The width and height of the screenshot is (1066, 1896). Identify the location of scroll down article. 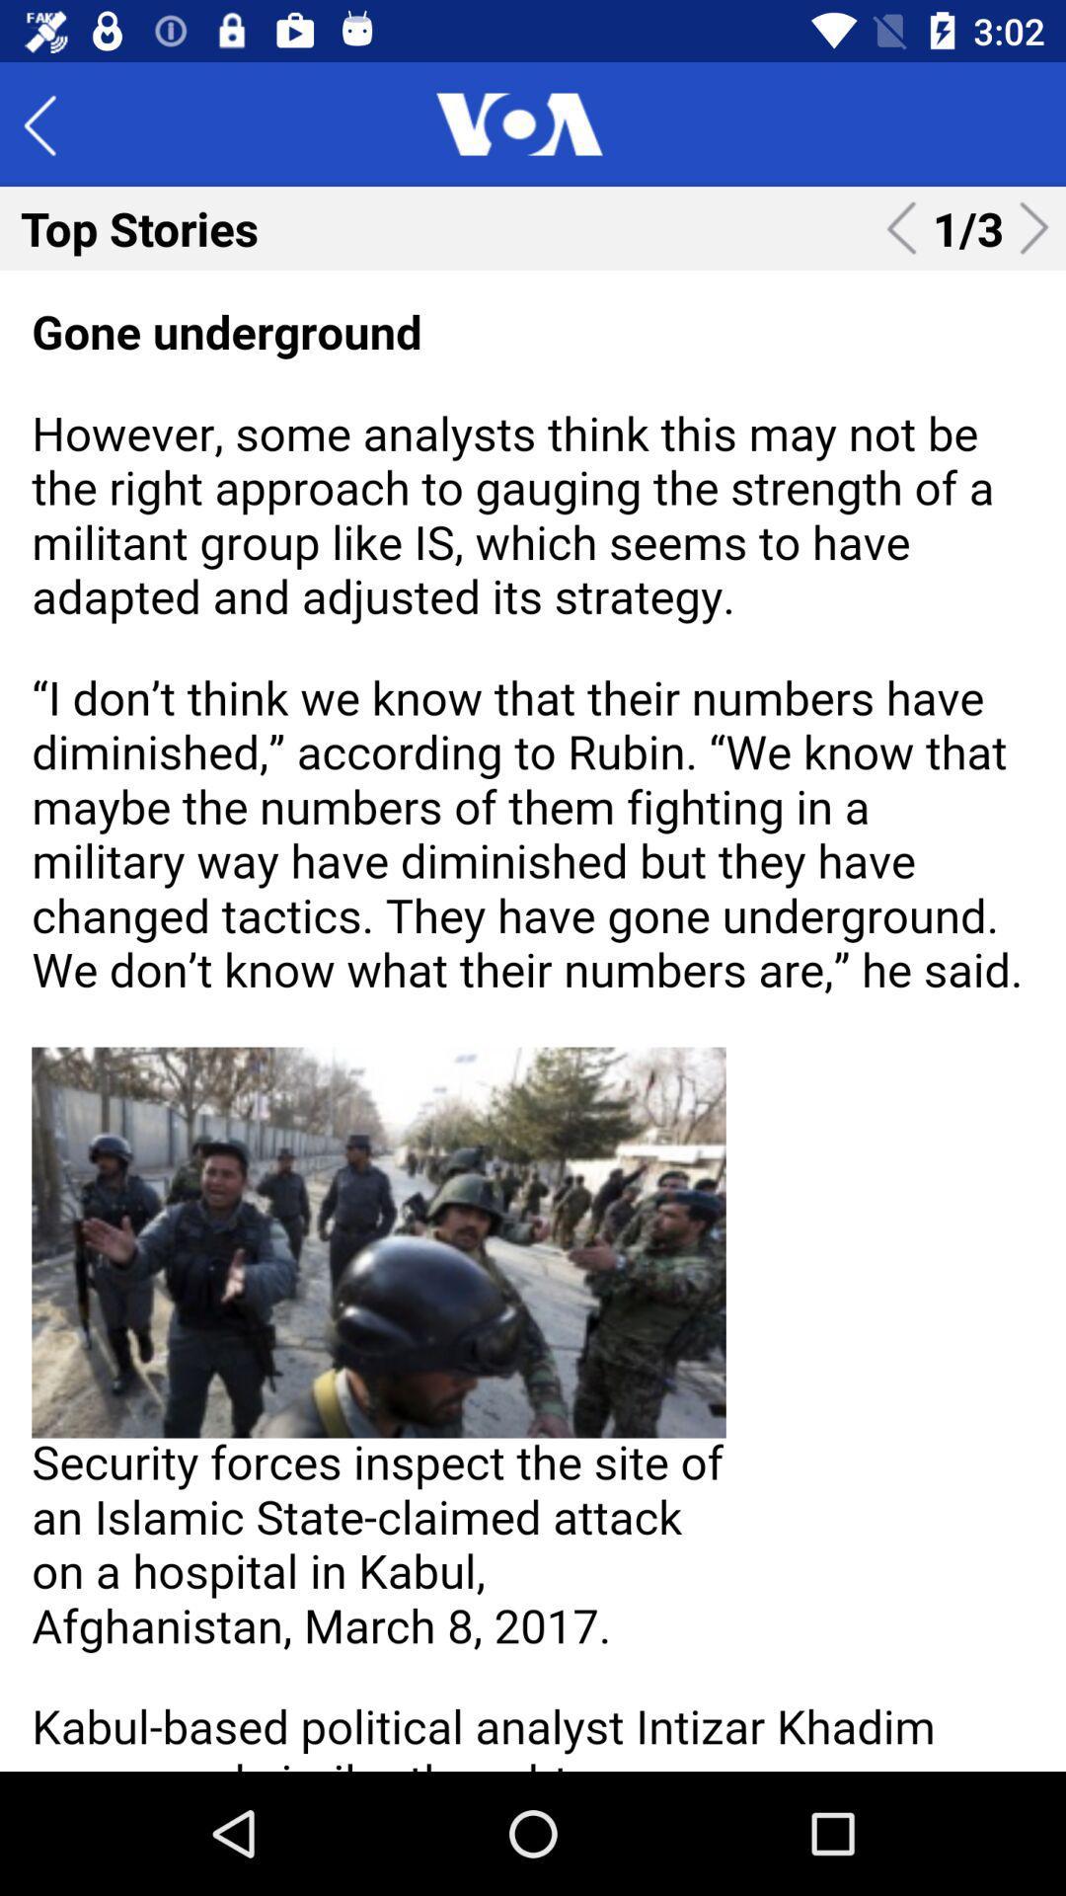
(533, 1020).